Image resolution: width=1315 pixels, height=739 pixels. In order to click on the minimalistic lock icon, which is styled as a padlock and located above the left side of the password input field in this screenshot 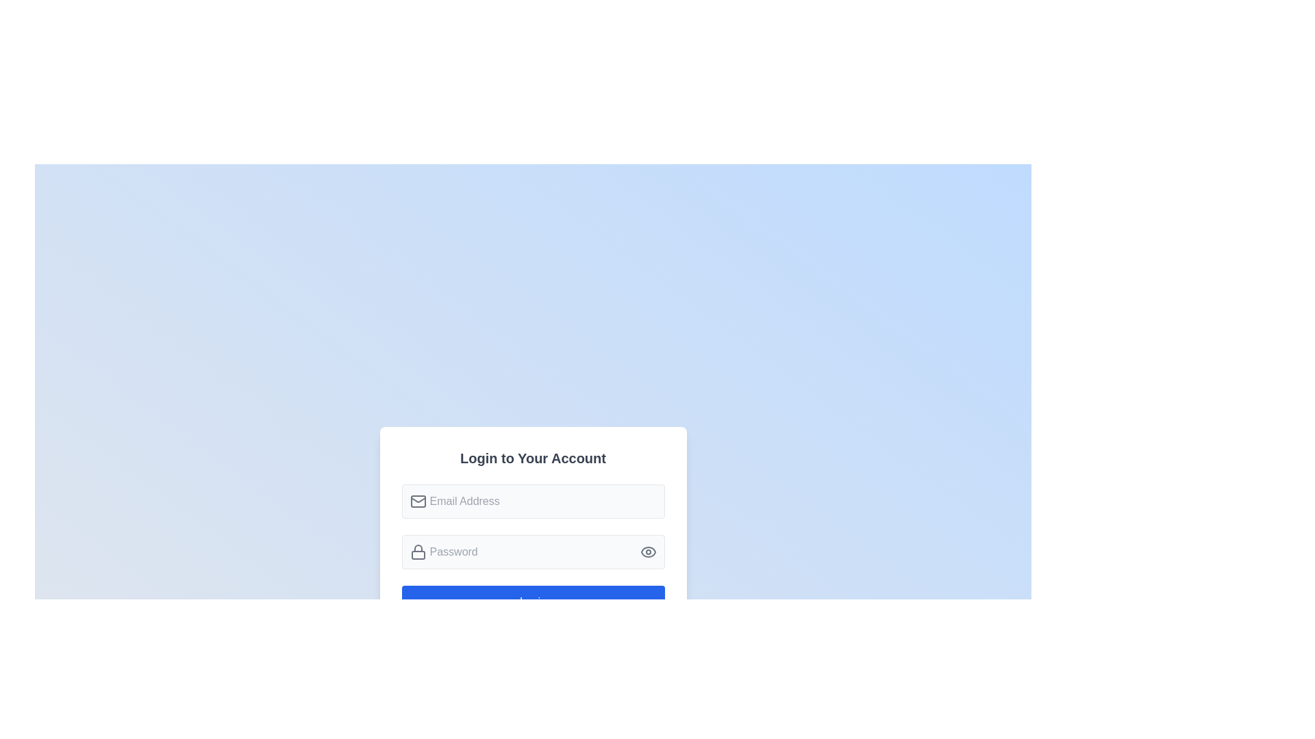, I will do `click(417, 551)`.